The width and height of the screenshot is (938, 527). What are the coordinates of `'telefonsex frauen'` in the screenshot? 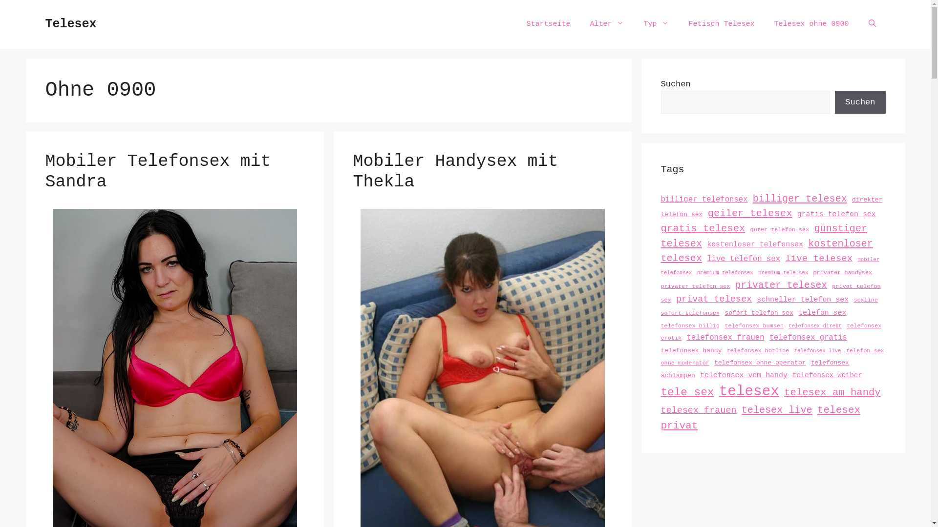 It's located at (725, 337).